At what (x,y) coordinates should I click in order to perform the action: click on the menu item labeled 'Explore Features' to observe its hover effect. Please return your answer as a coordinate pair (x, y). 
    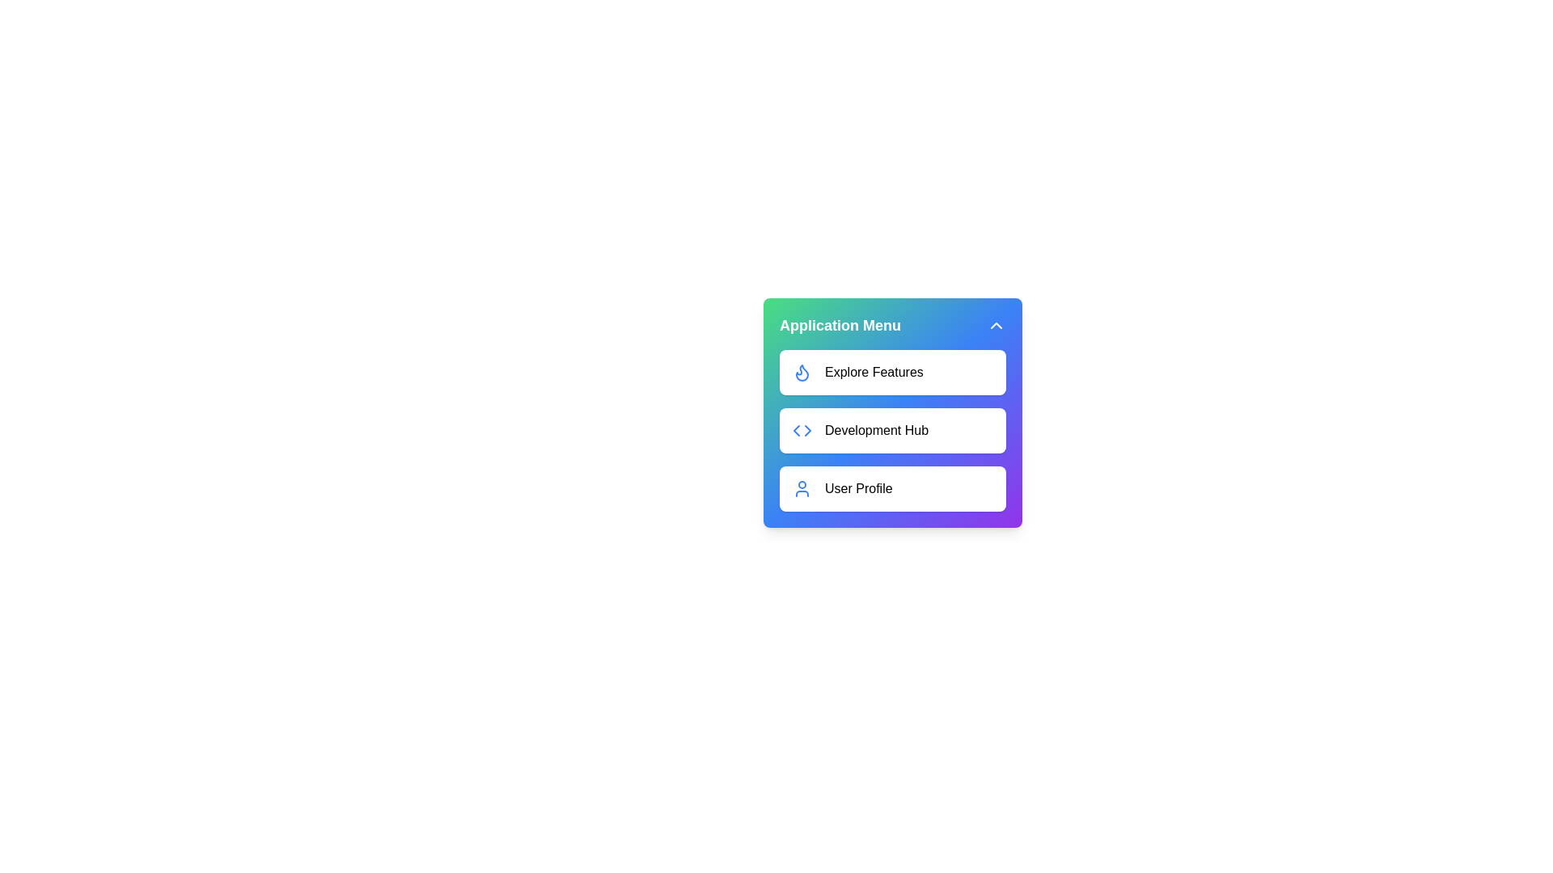
    Looking at the image, I should click on (892, 373).